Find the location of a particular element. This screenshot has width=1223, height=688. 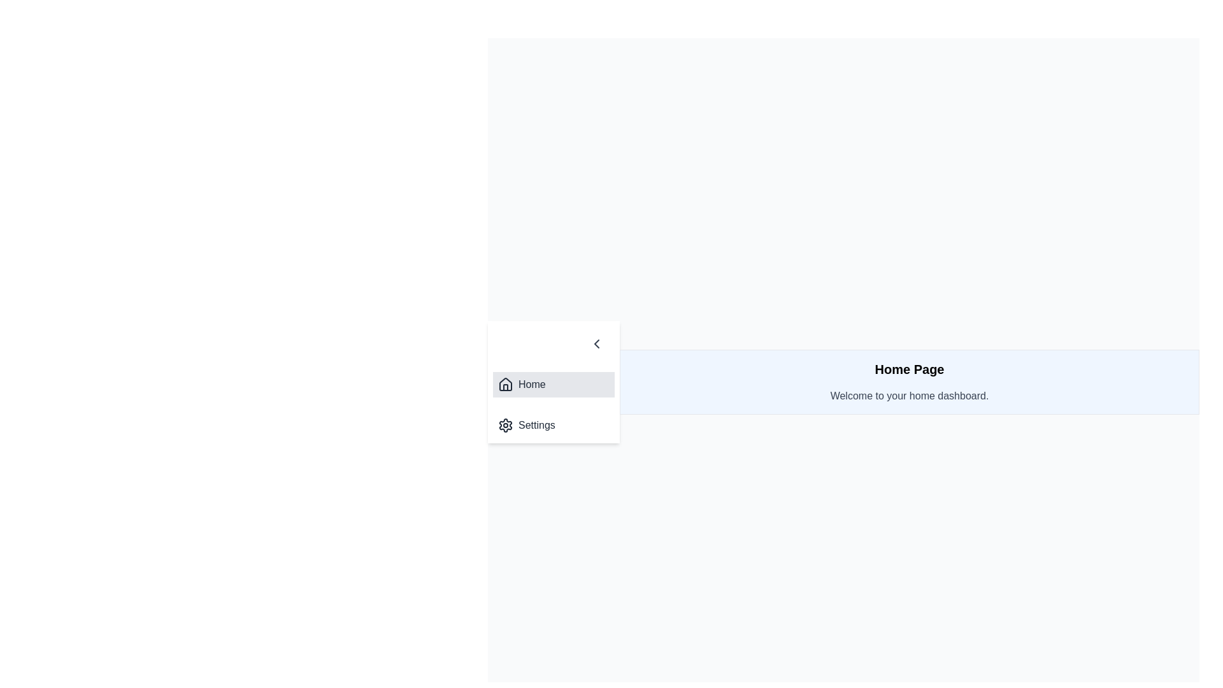

the 'Settings' icon located to the left of the text label 'Settings' in the vertical navigation panel is located at coordinates (504, 425).